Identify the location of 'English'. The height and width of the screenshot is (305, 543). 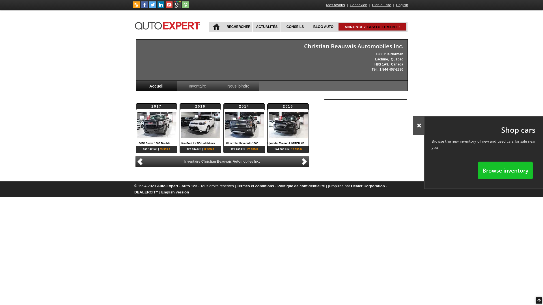
(402, 5).